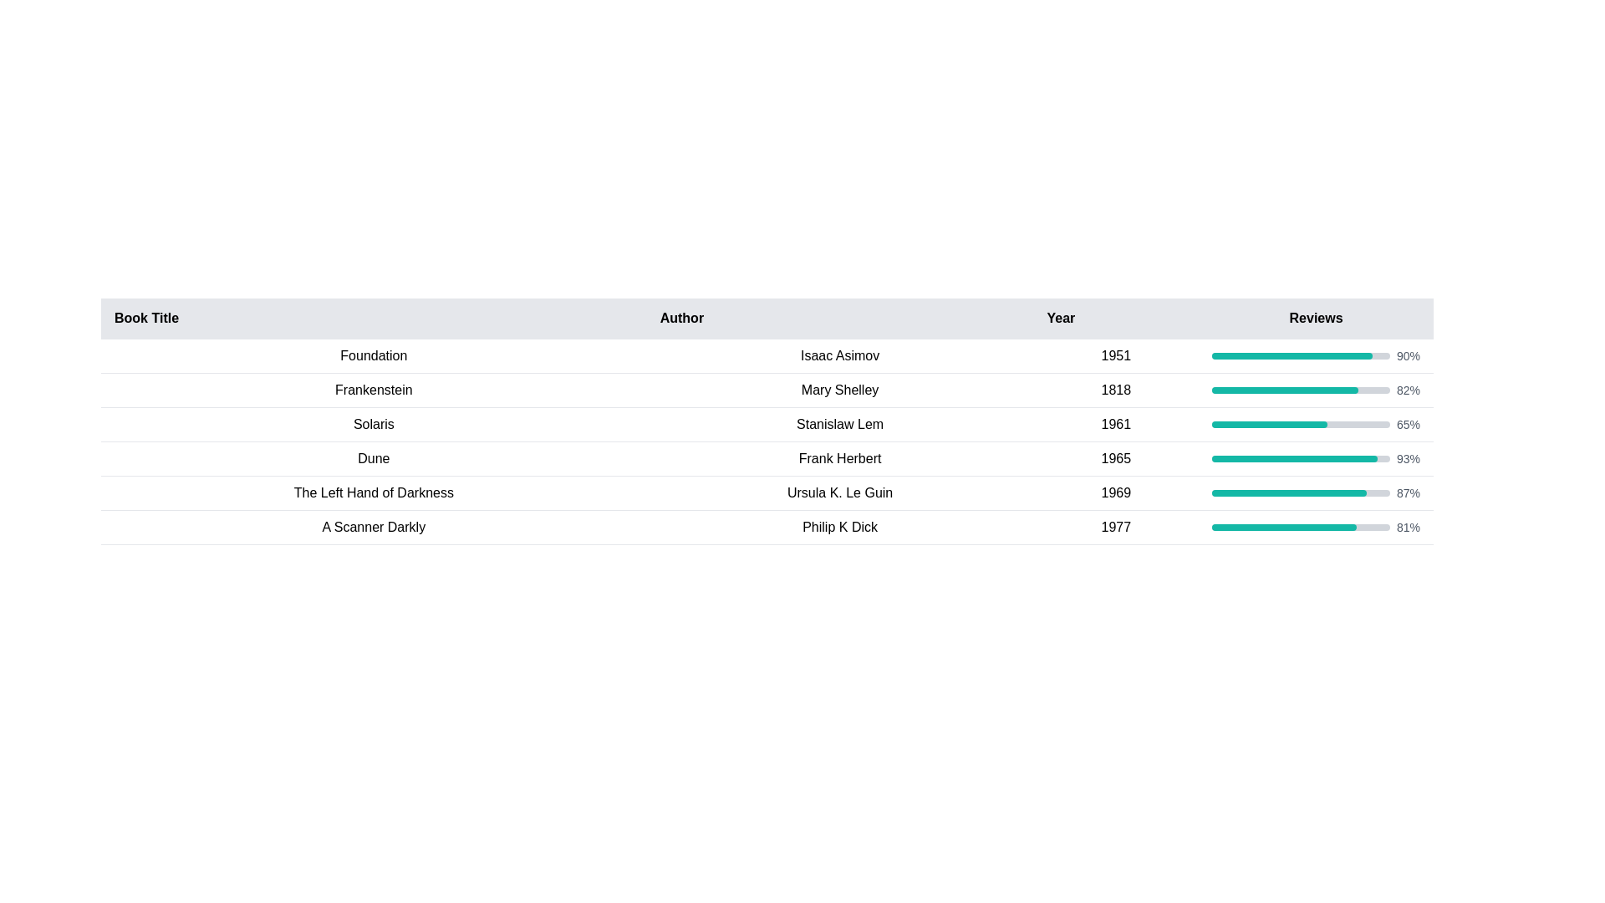 The width and height of the screenshot is (1605, 903). What do you see at coordinates (1116, 390) in the screenshot?
I see `the Text Label displaying the publication year of 'Frankenstein', located in the third position under the 'Year' column, between 'Author' and 'Reviews'` at bounding box center [1116, 390].